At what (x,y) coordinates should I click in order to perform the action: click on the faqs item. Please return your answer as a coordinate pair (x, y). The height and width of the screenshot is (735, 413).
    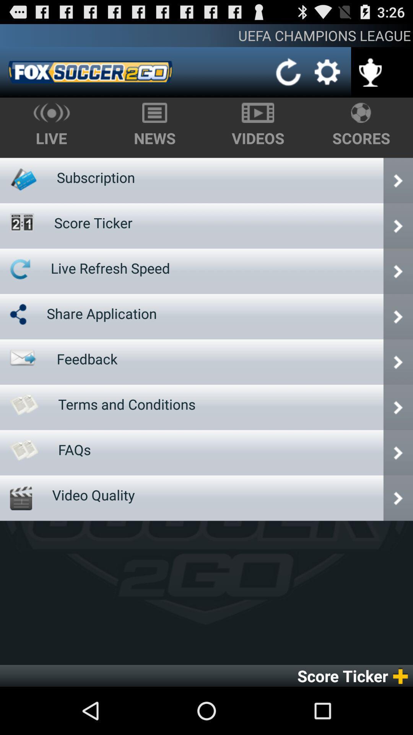
    Looking at the image, I should click on (75, 449).